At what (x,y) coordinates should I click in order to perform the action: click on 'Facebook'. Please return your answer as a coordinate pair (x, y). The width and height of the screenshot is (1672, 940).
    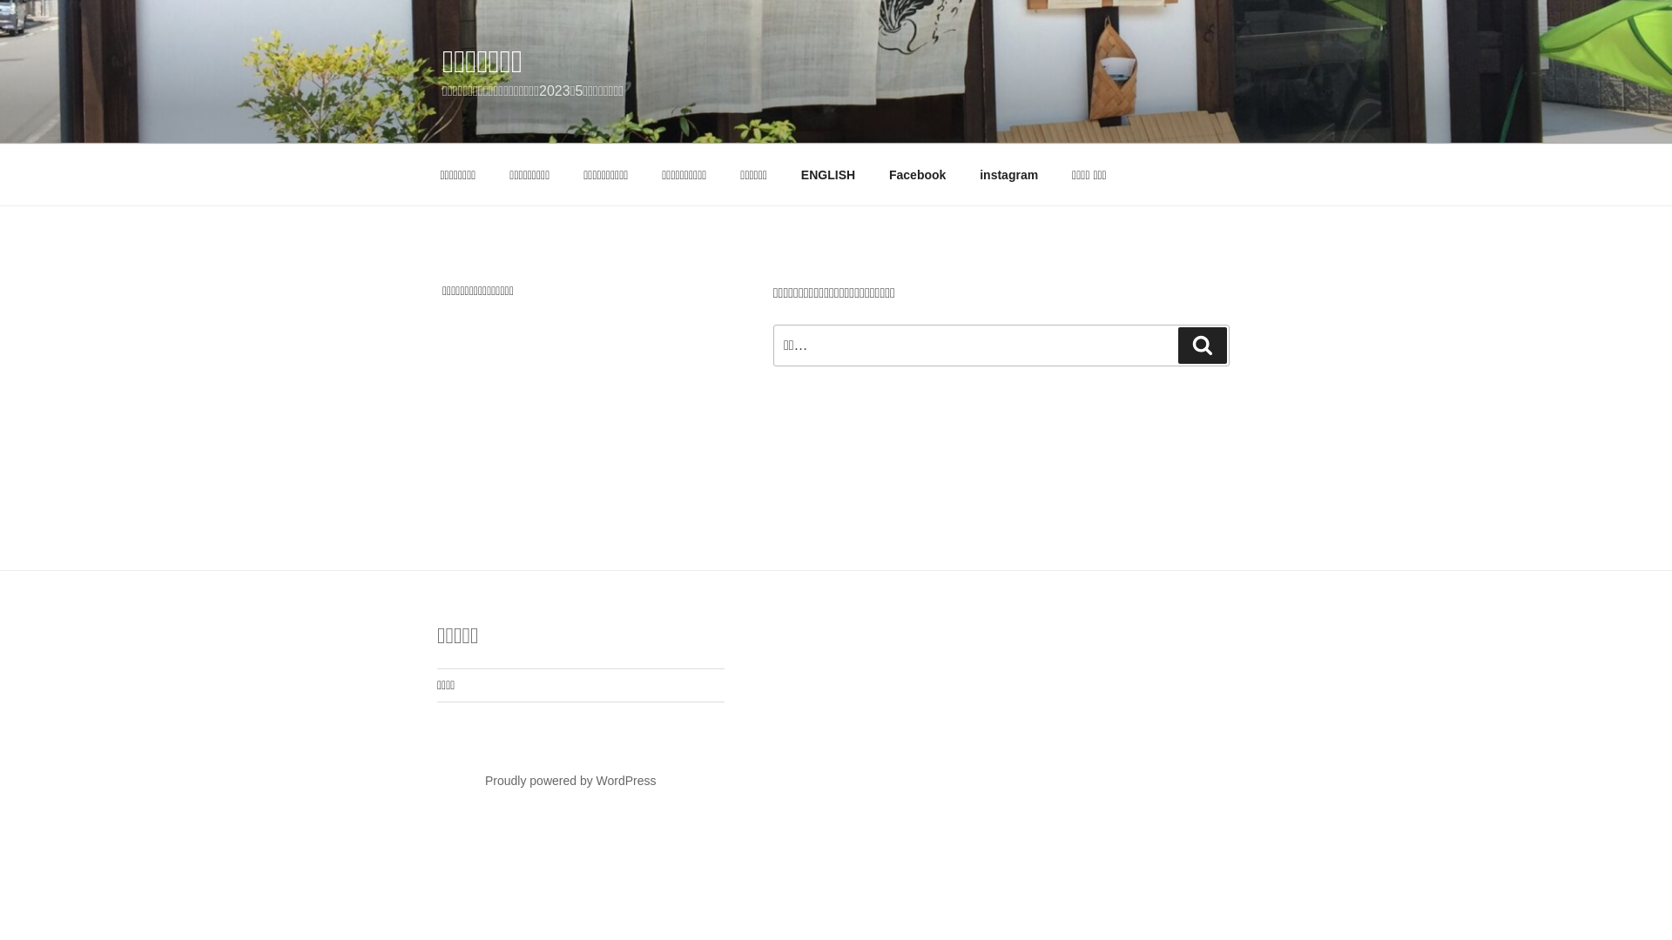
    Looking at the image, I should click on (915, 174).